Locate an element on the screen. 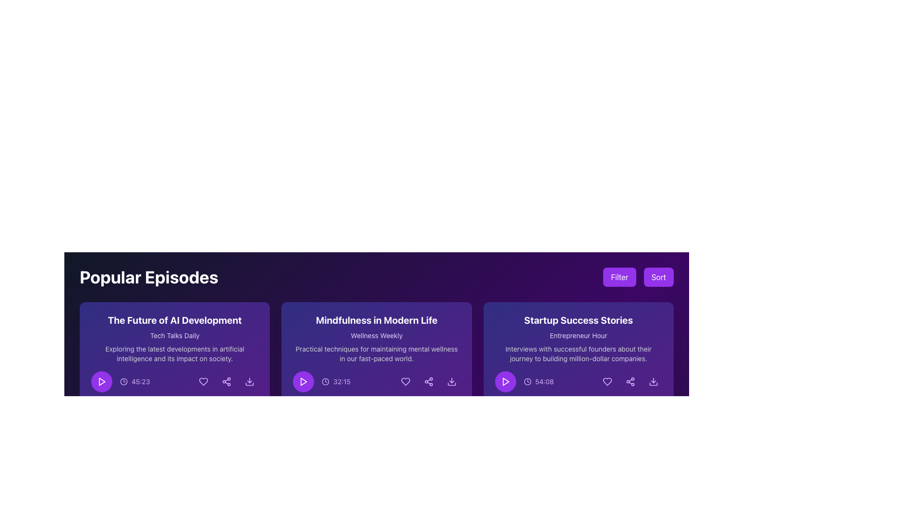 The width and height of the screenshot is (922, 518). the purple heart-shaped icon below the 'Mindfulness in Modern Life' card to like or favorite the item is located at coordinates (405, 381).